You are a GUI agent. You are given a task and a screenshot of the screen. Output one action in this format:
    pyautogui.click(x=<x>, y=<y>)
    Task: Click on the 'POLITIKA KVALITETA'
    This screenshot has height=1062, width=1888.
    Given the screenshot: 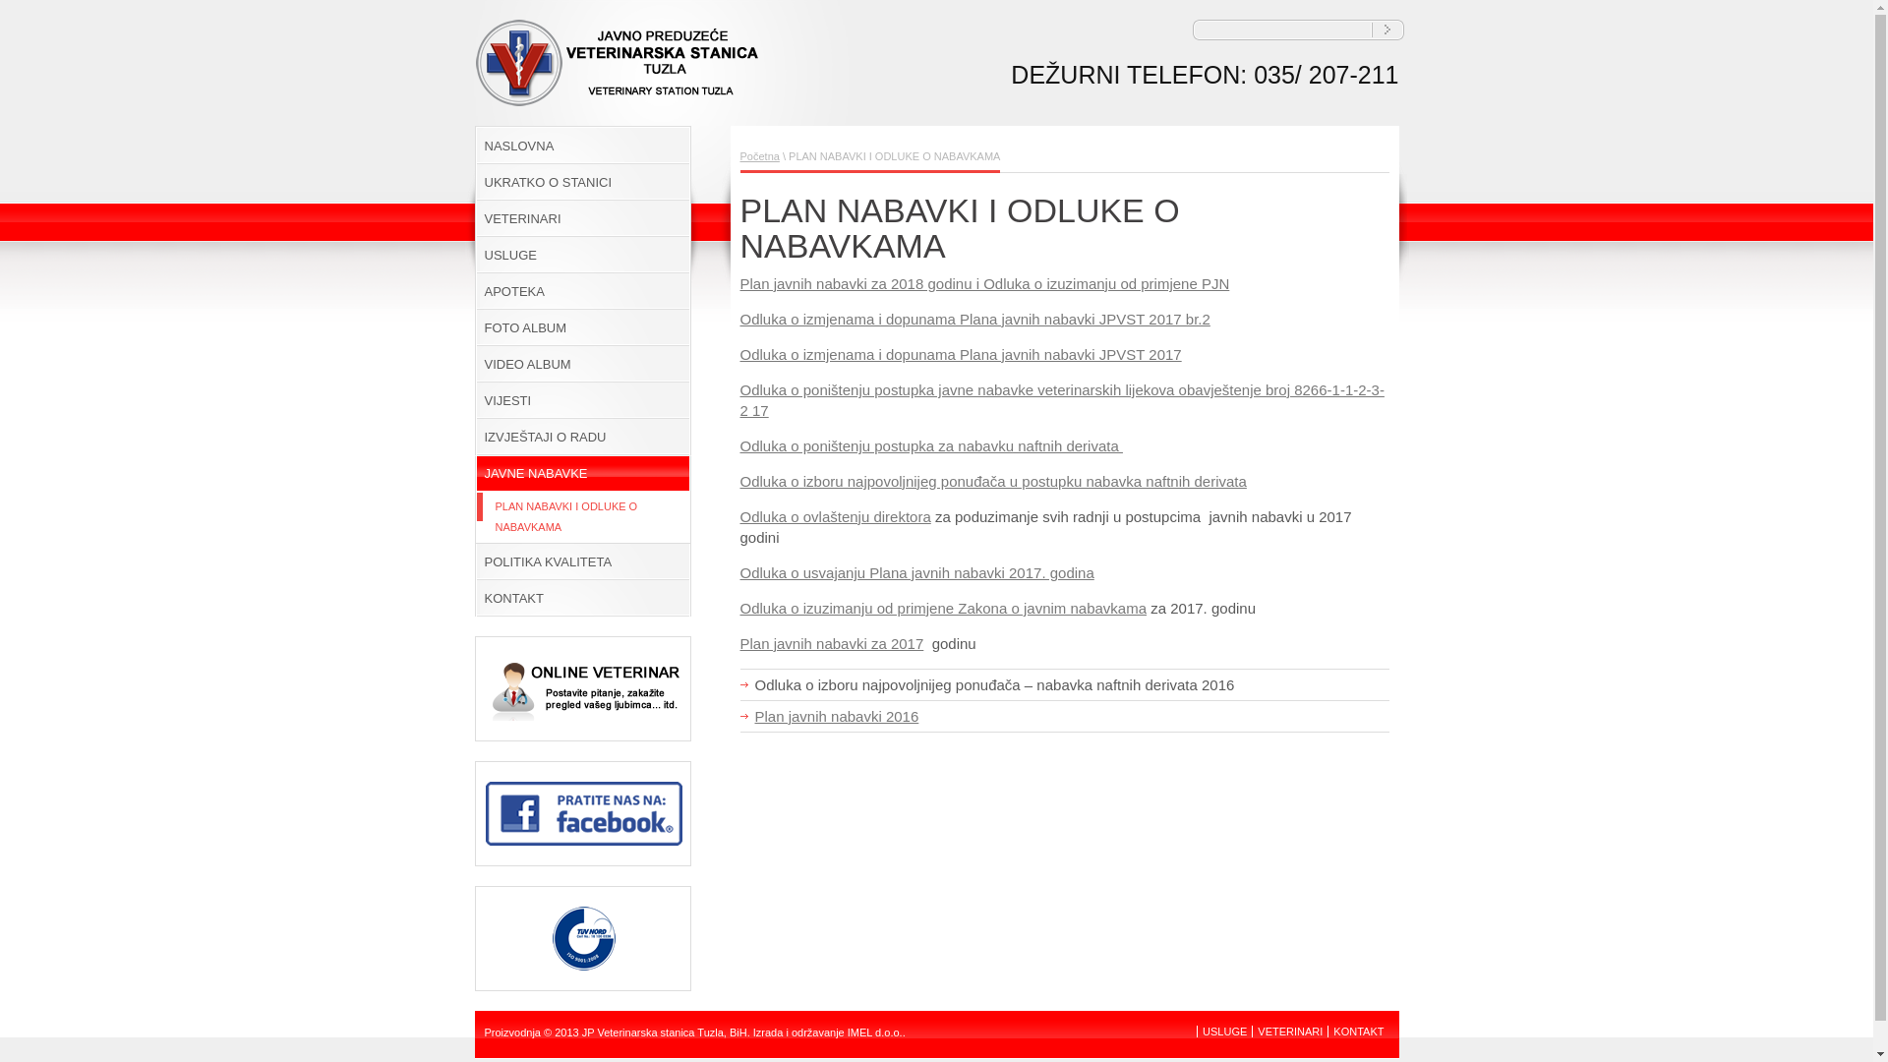 What is the action you would take?
    pyautogui.click(x=580, y=561)
    